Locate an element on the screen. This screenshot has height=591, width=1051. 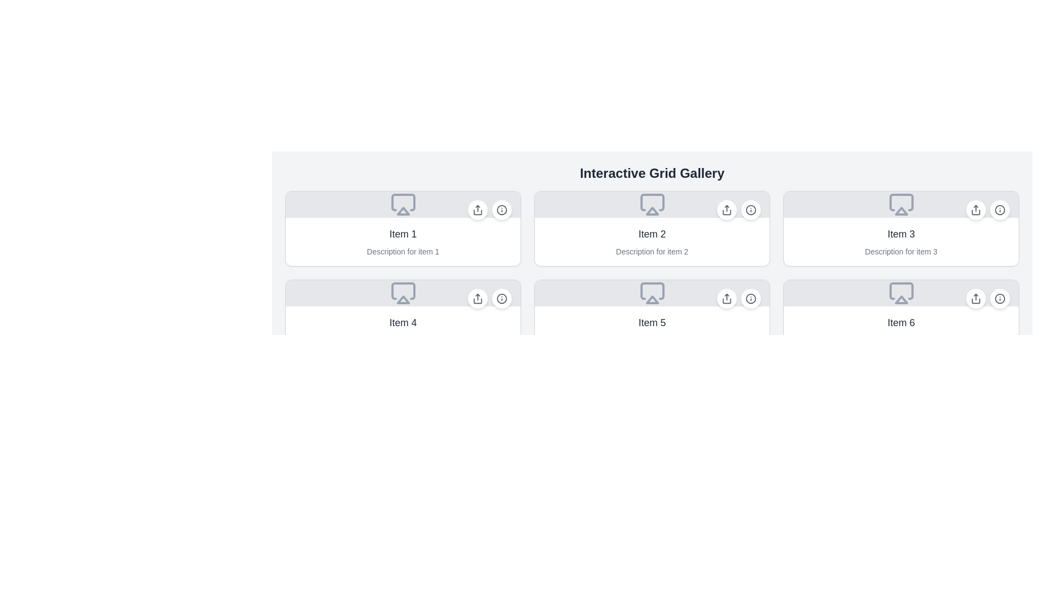
the 'share' action icon, which is a stylized upward arrow in a circular button at the top-right corner of 'Item 6' is located at coordinates (975, 299).